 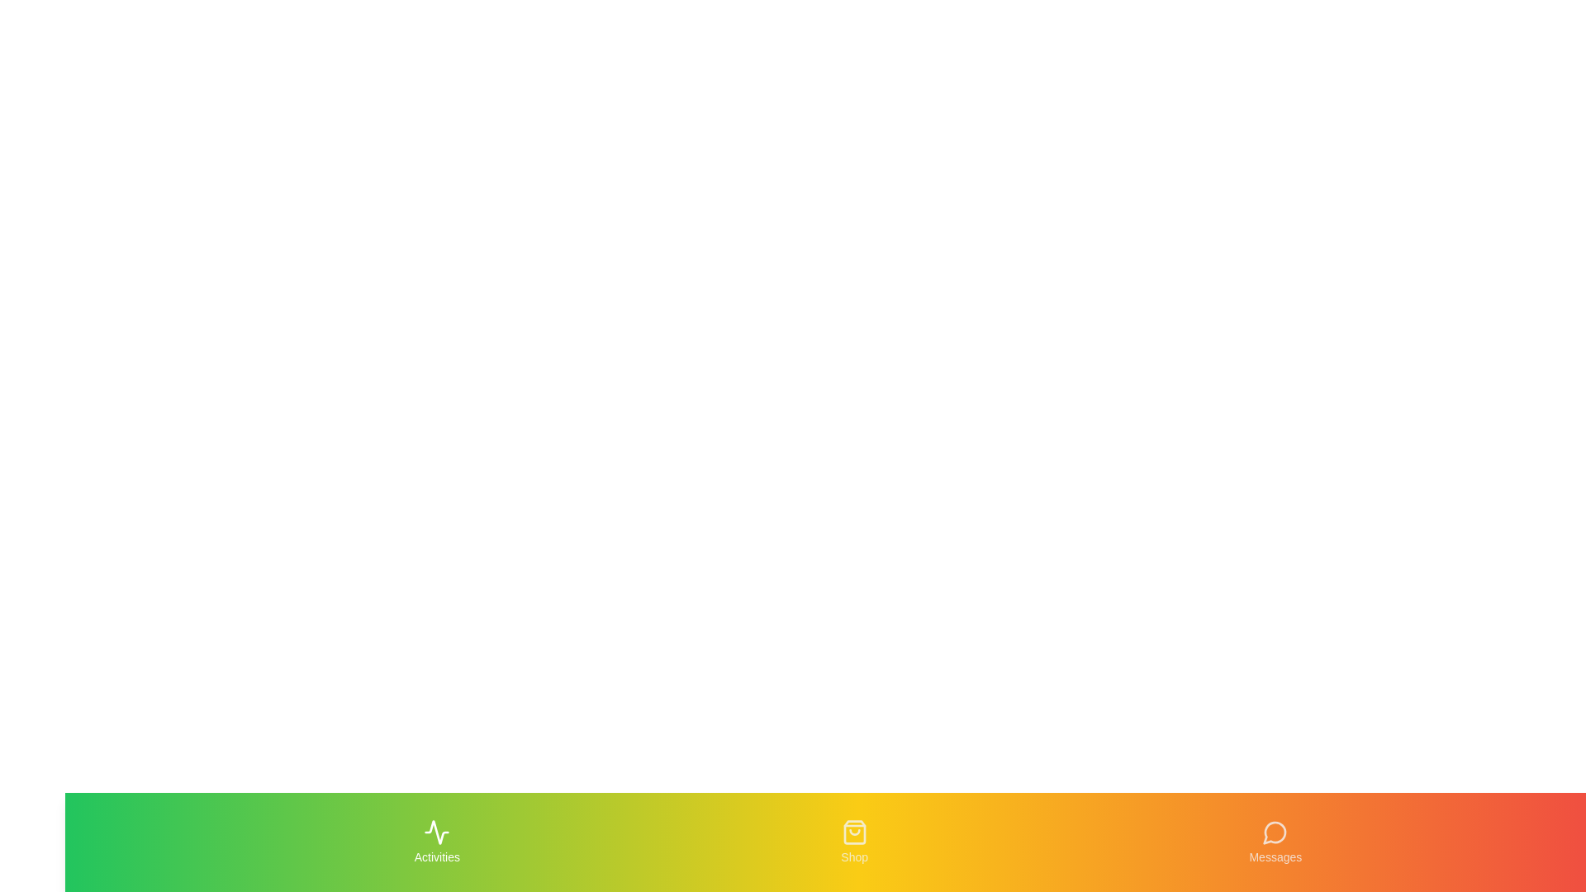 I want to click on the Activities tab to navigate to its section, so click(x=436, y=842).